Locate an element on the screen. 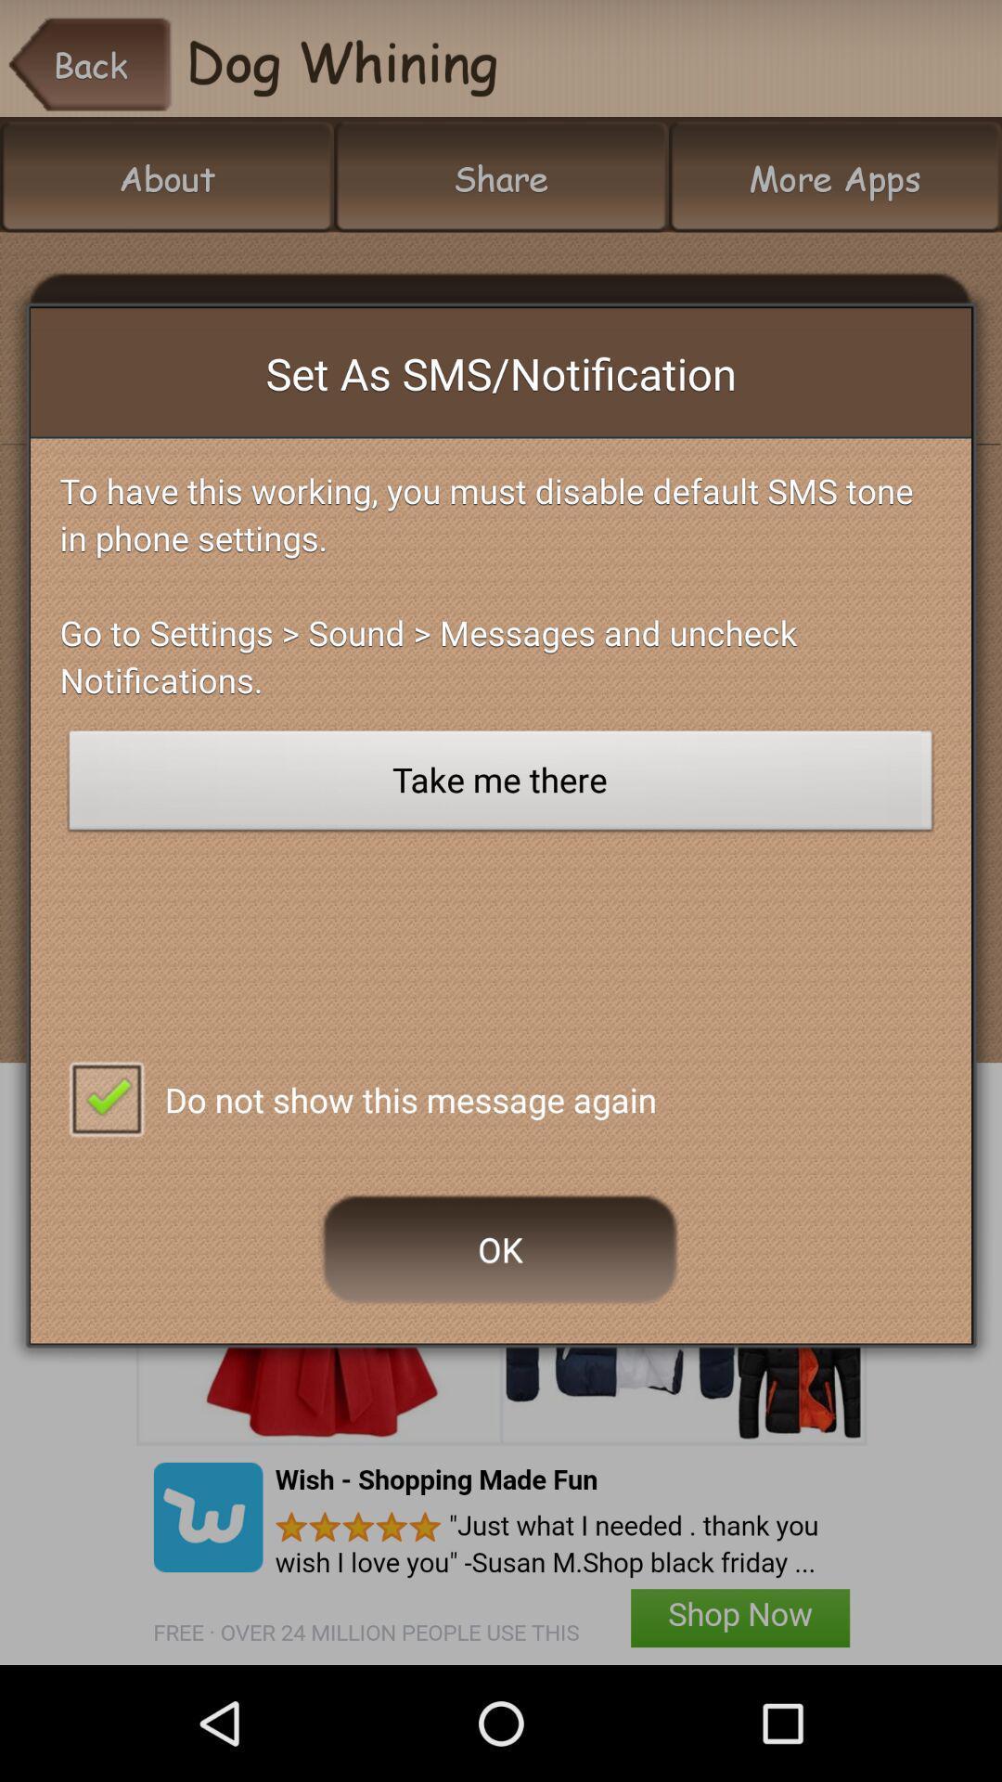 The image size is (1002, 1782). tit the option to correct is located at coordinates (106, 1097).